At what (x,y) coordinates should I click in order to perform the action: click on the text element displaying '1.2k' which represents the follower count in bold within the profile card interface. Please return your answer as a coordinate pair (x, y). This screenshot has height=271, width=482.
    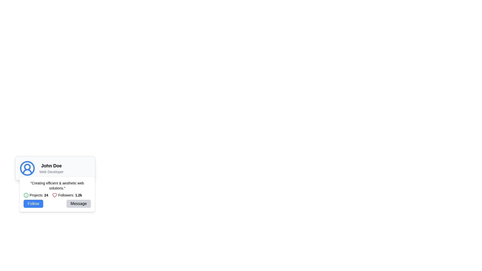
    Looking at the image, I should click on (78, 195).